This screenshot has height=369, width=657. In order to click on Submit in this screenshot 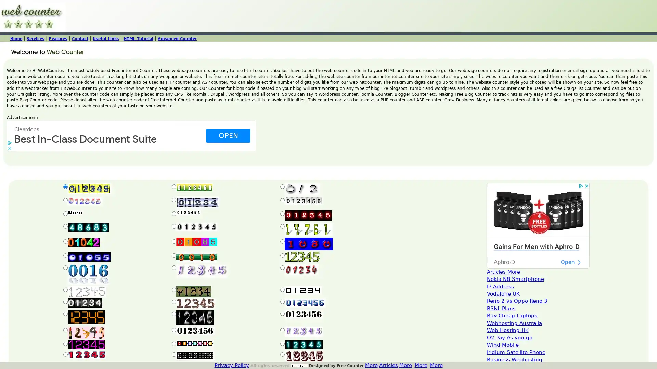, I will do `click(195, 303)`.